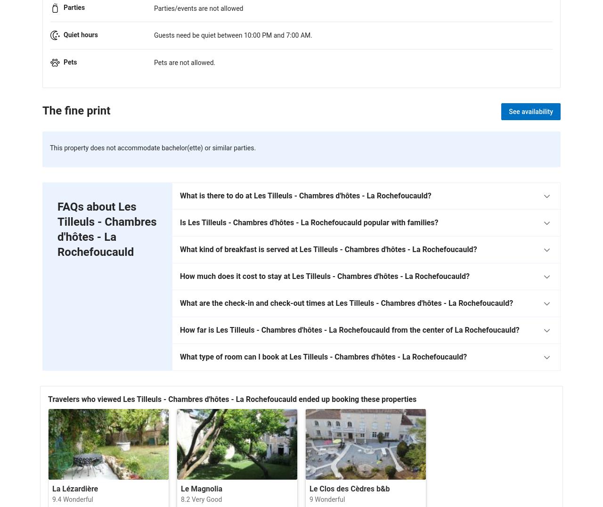 The image size is (603, 507). I want to click on 'The fine print', so click(41, 110).